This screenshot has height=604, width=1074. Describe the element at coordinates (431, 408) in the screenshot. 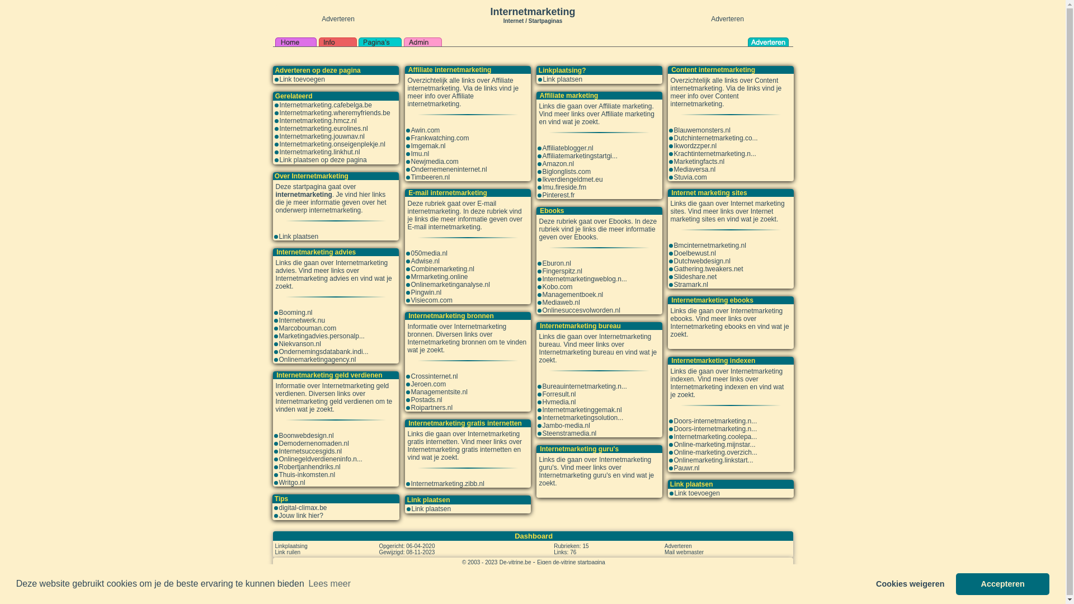

I see `'Roipartners.nl'` at that location.